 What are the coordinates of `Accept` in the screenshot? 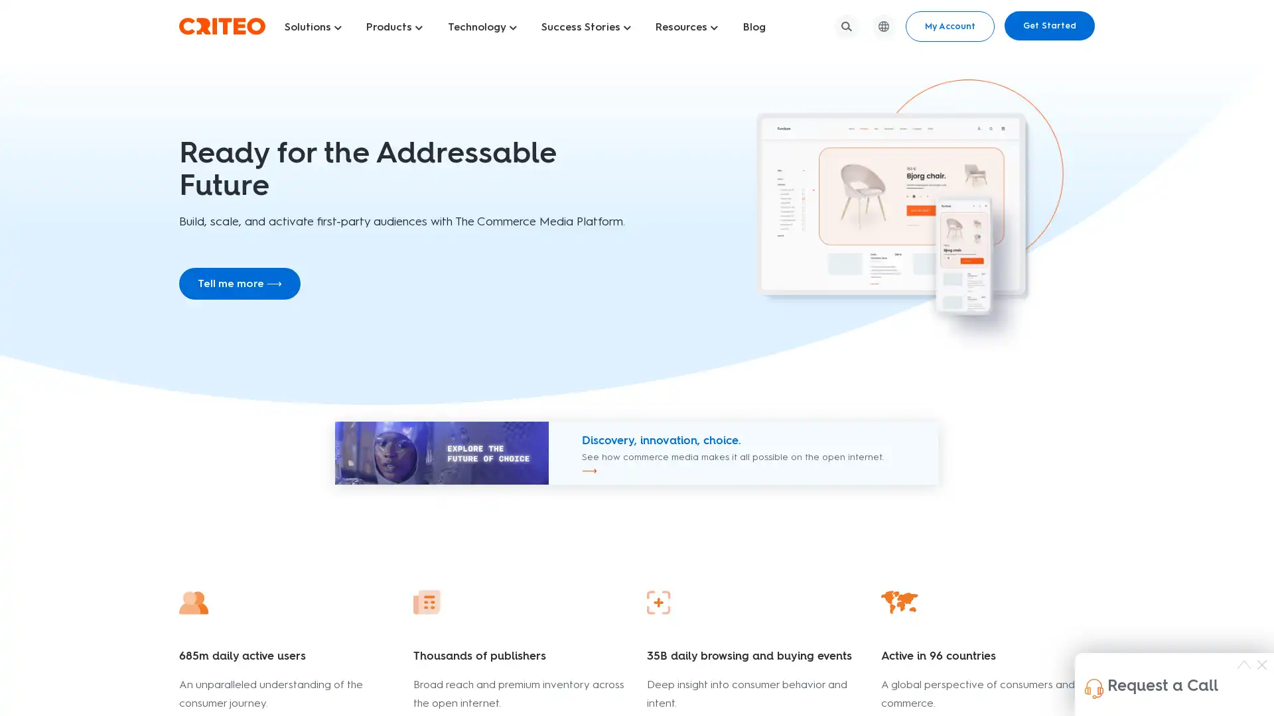 It's located at (976, 687).